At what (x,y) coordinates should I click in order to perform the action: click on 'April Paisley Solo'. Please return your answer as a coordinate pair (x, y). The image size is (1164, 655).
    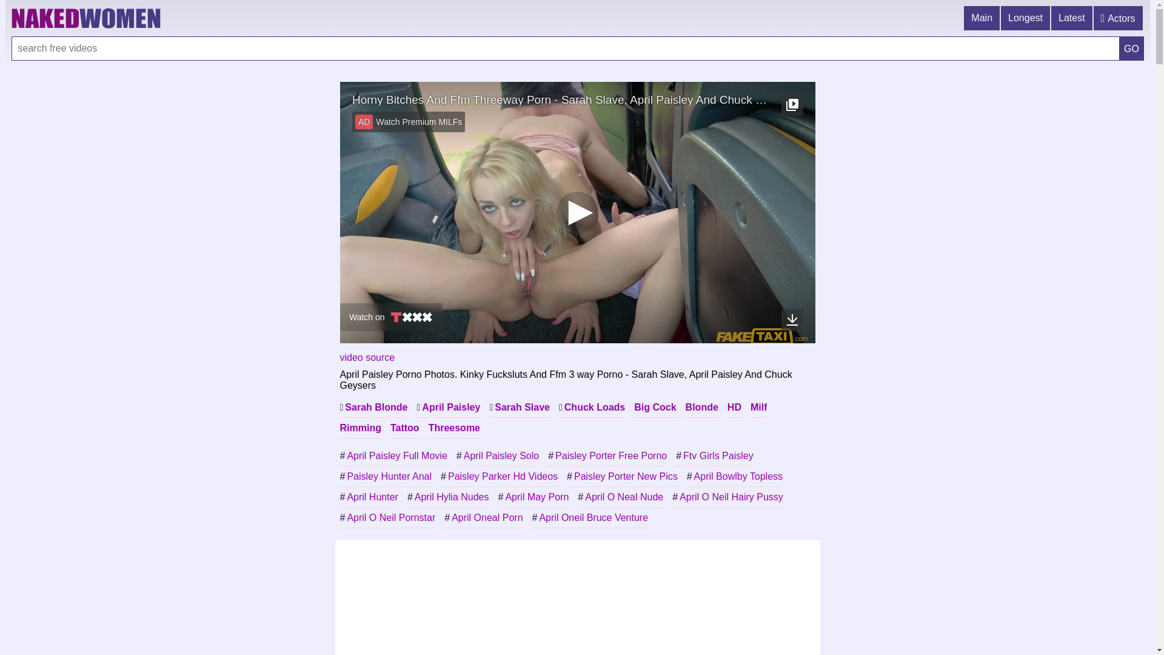
    Looking at the image, I should click on (497, 456).